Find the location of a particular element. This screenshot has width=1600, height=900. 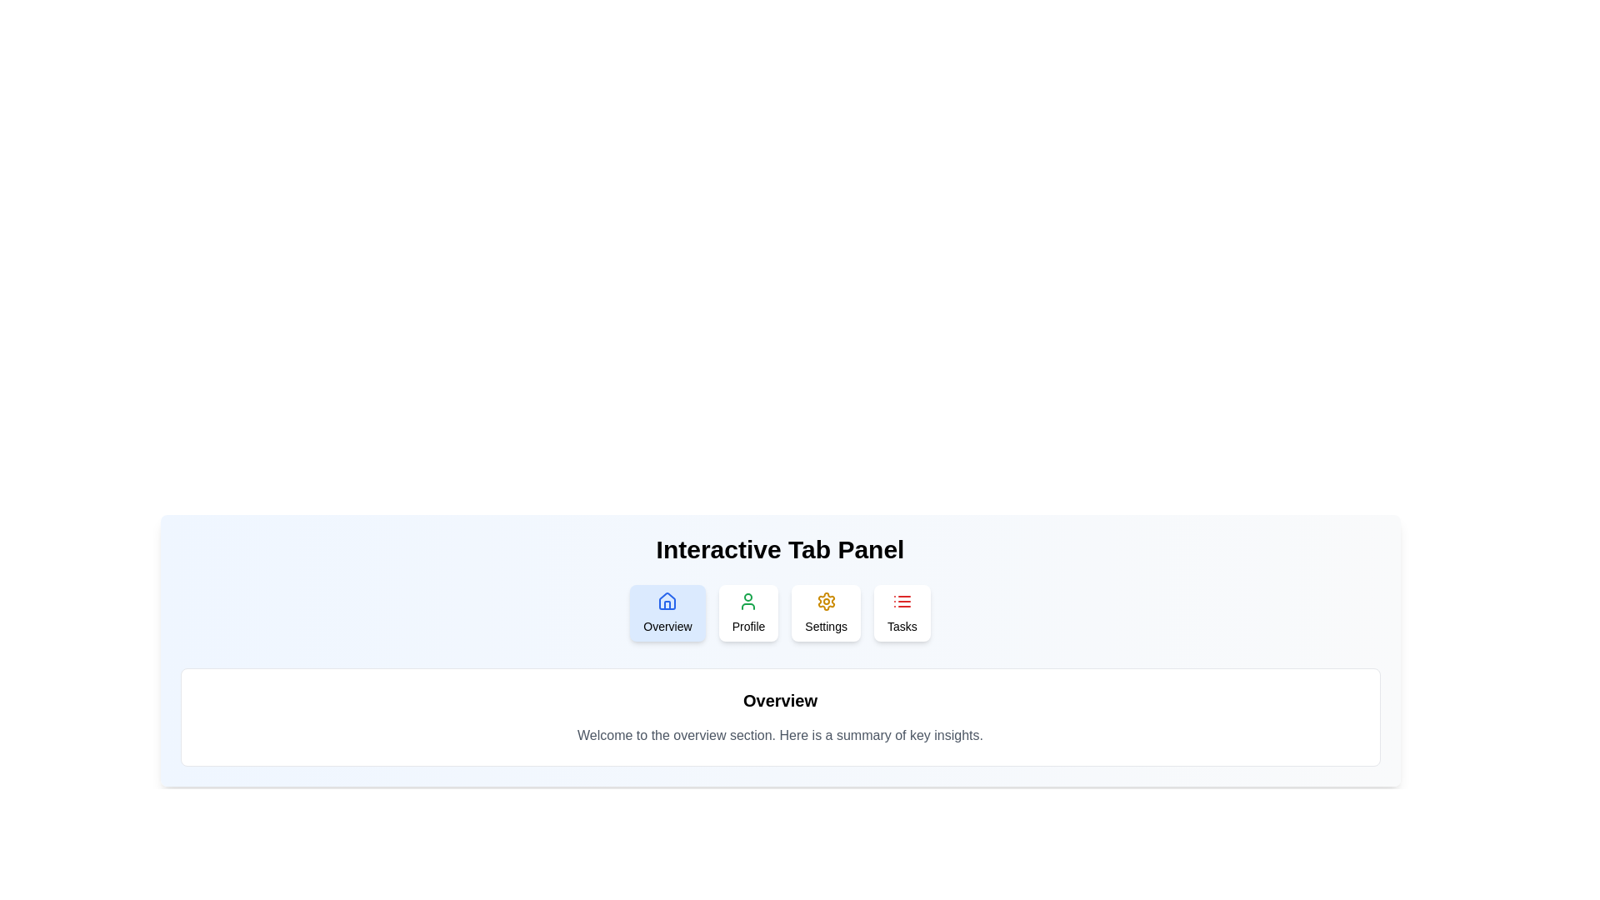

the Profile tab to view its content is located at coordinates (747, 613).